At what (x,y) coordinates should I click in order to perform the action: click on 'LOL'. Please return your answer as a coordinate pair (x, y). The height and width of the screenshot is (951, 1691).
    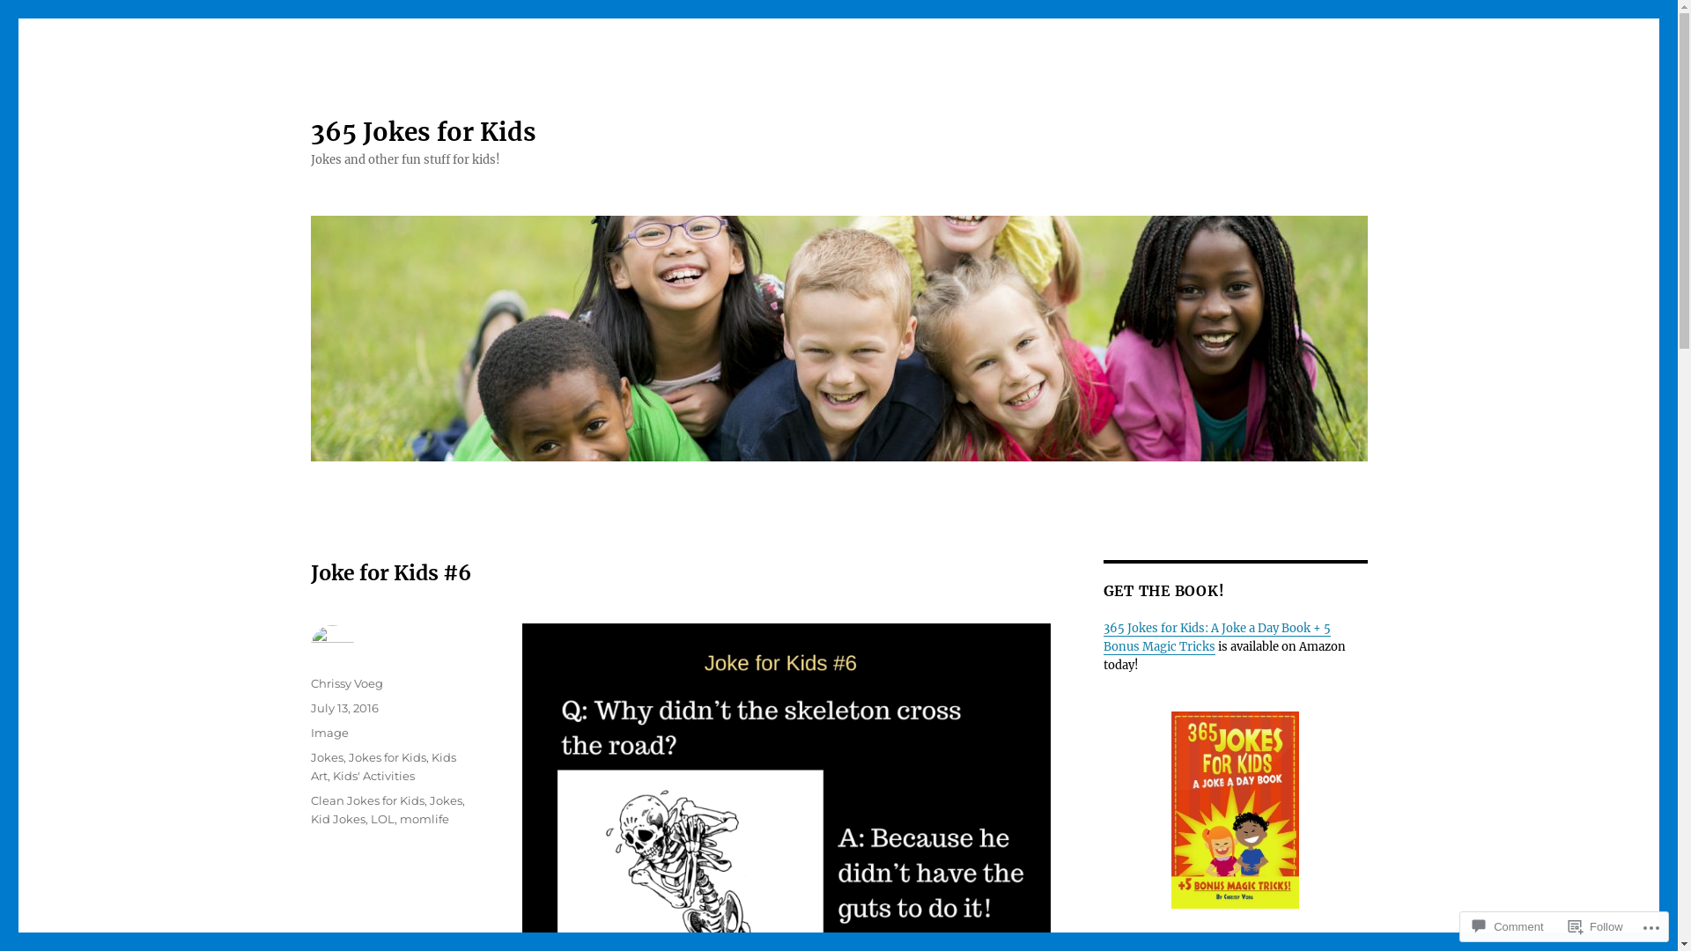
    Looking at the image, I should click on (380, 818).